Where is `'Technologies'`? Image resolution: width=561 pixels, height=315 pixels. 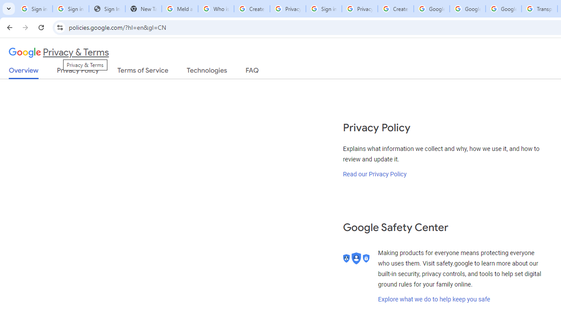 'Technologies' is located at coordinates (206, 72).